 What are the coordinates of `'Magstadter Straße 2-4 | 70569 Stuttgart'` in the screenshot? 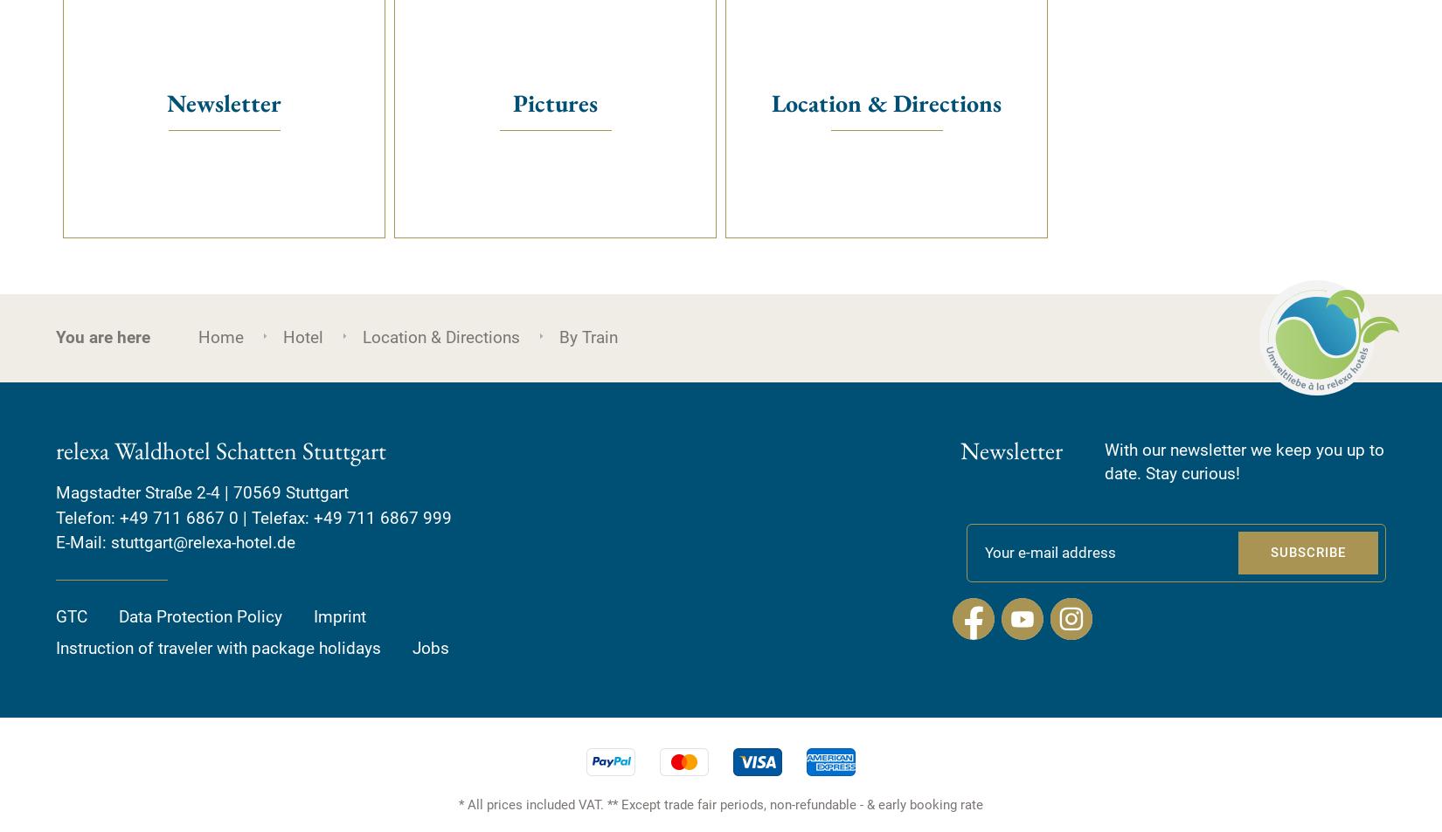 It's located at (202, 492).